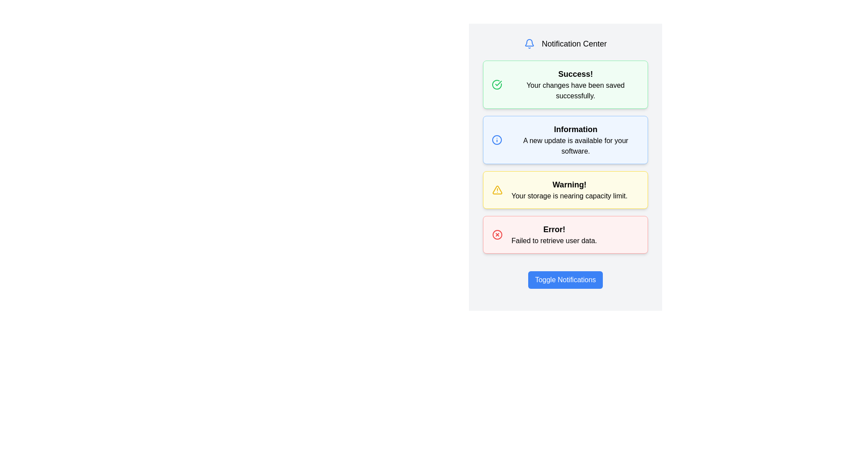 The image size is (843, 474). Describe the element at coordinates (498, 83) in the screenshot. I see `the green checkmark icon within the 'Success!' notification card to acknowledge the notification` at that location.